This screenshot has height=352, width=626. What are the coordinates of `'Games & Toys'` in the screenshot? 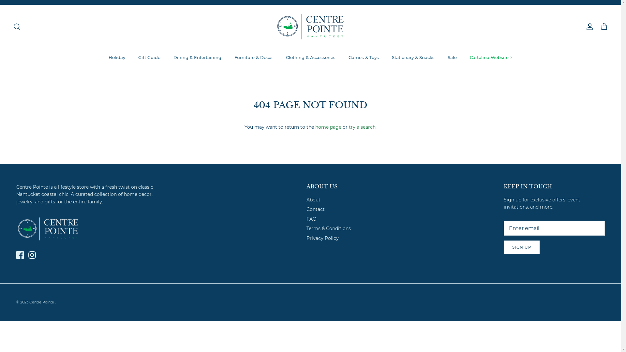 It's located at (363, 57).